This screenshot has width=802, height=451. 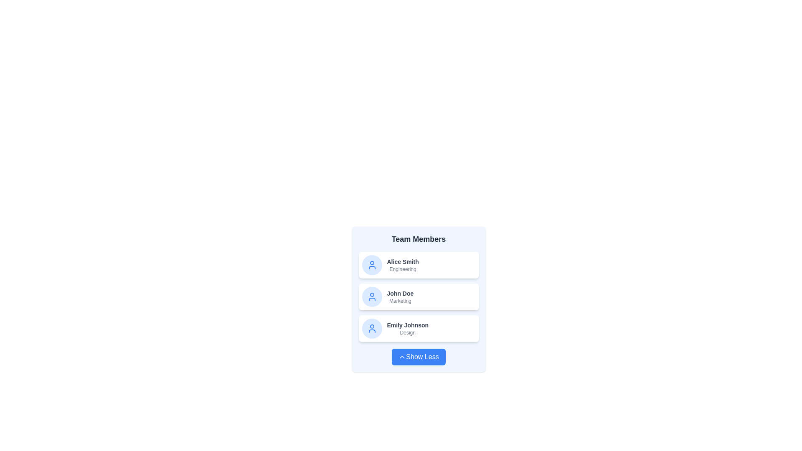 What do you see at coordinates (400, 301) in the screenshot?
I see `the Static Text Label displaying 'Marketing', which is located below the name 'John Doe' in the middle card of the team member list` at bounding box center [400, 301].